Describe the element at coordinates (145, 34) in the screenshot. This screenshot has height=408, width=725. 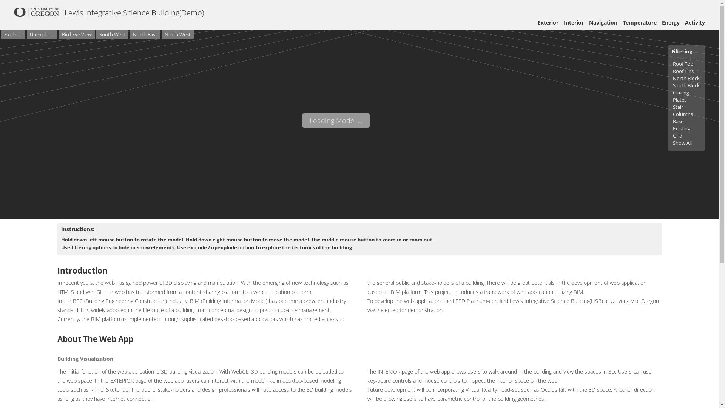
I see `'North East'` at that location.